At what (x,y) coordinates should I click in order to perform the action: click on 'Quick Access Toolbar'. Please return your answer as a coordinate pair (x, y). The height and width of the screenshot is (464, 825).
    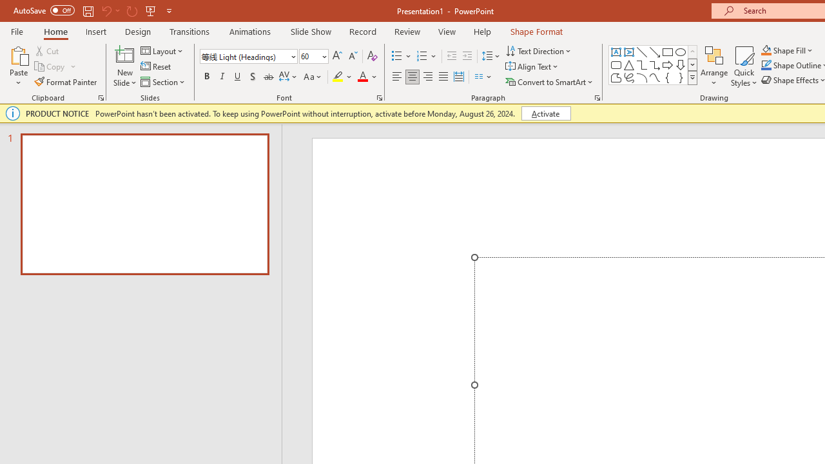
    Looking at the image, I should click on (93, 10).